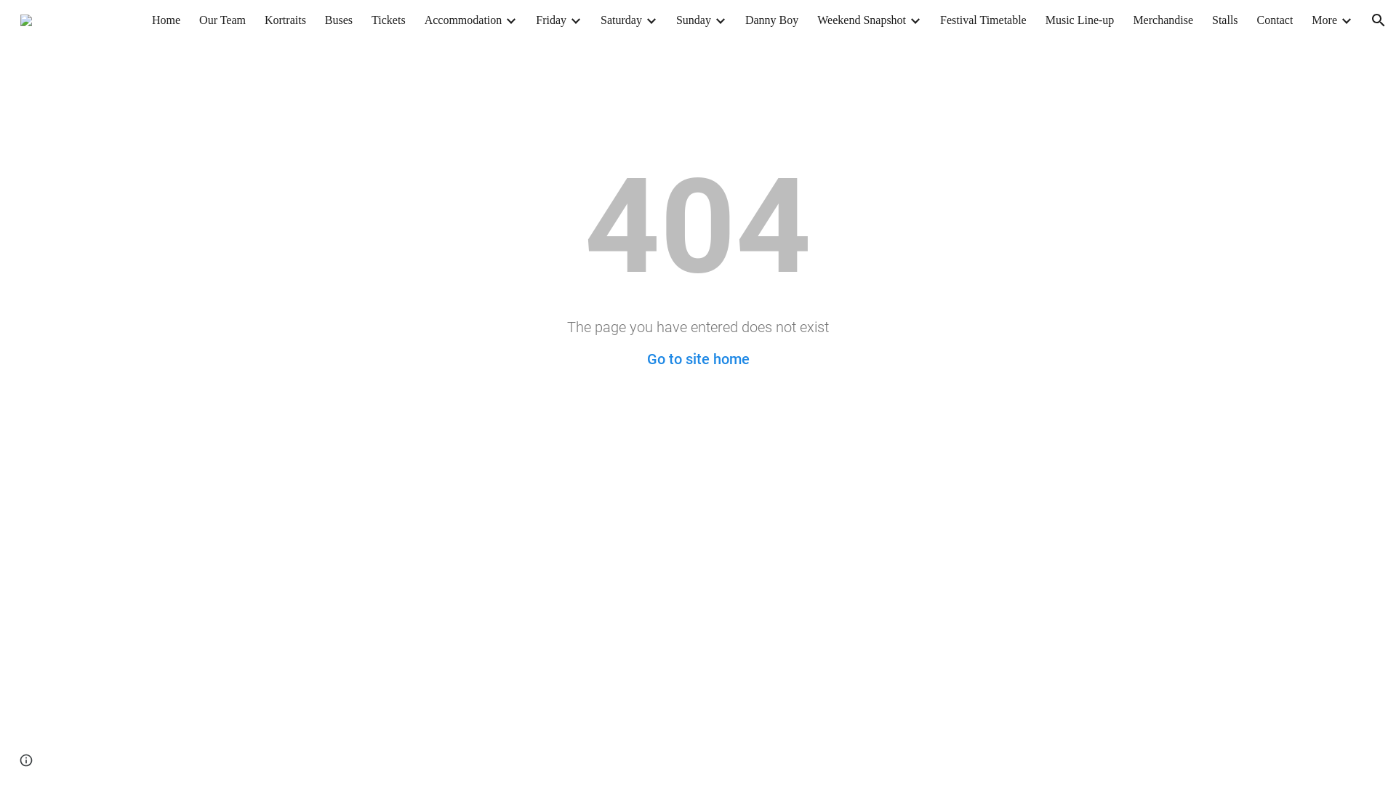 The height and width of the screenshot is (785, 1396). I want to click on 'Expand/Collapse', so click(643, 20).